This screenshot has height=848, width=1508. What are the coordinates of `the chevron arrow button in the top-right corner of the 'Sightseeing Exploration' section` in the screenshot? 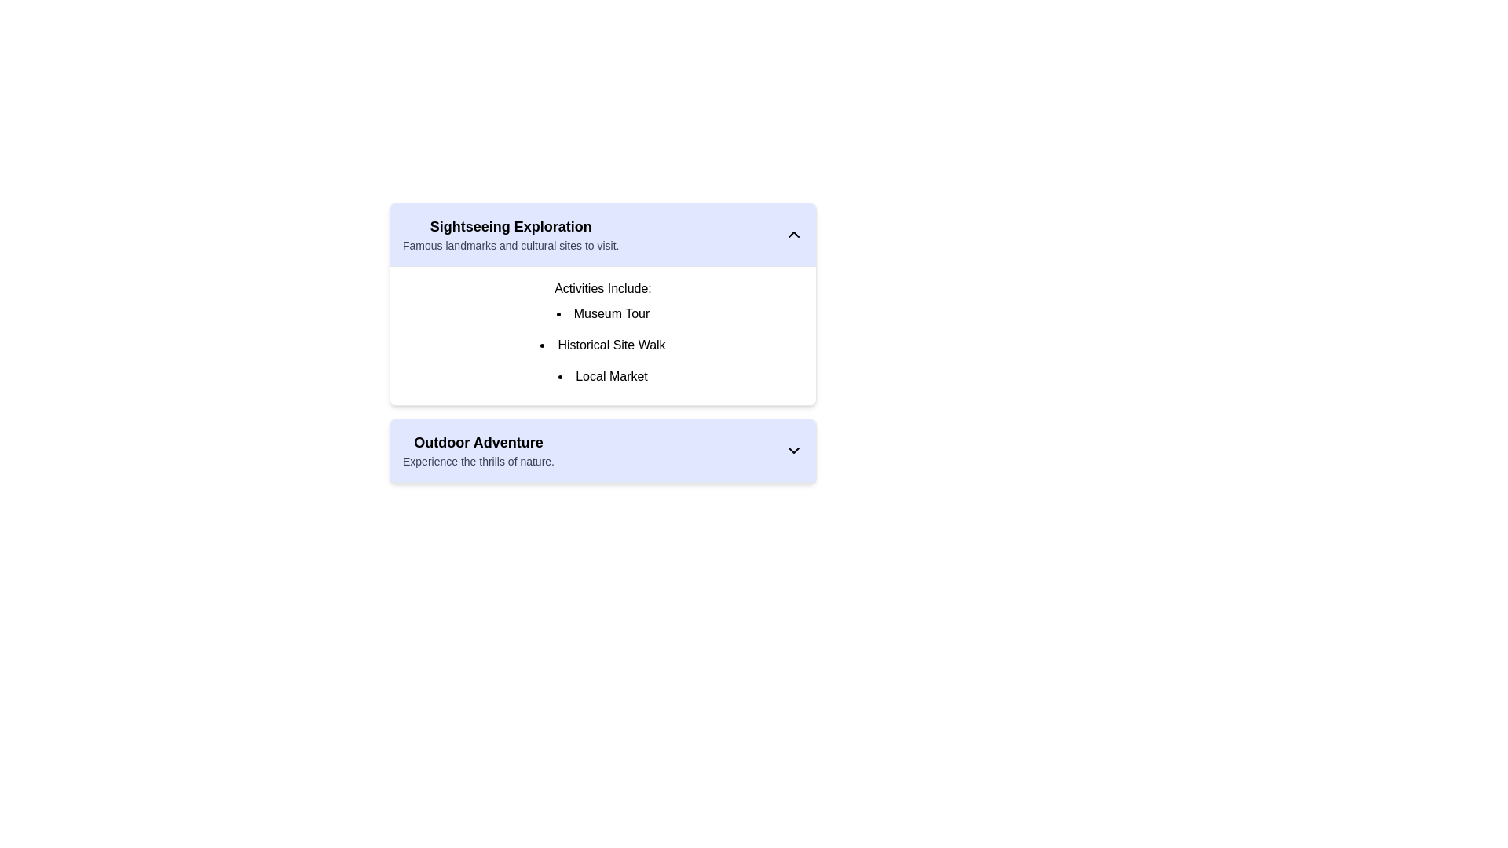 It's located at (794, 235).